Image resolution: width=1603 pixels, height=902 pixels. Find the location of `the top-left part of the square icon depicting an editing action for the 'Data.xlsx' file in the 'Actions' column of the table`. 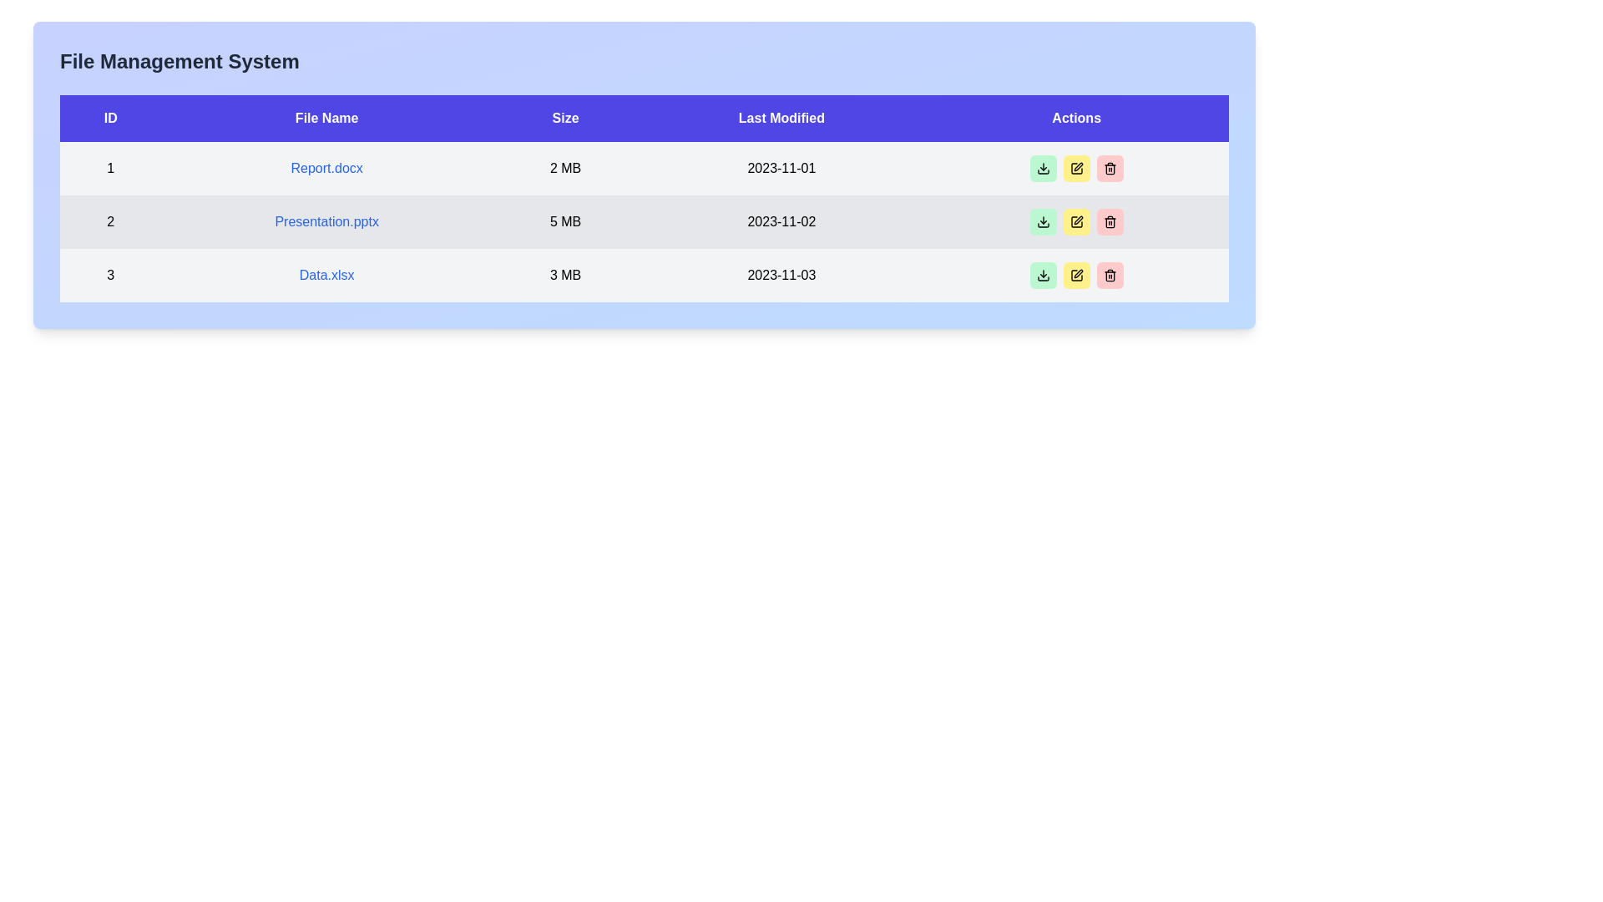

the top-left part of the square icon depicting an editing action for the 'Data.xlsx' file in the 'Actions' column of the table is located at coordinates (1076, 275).